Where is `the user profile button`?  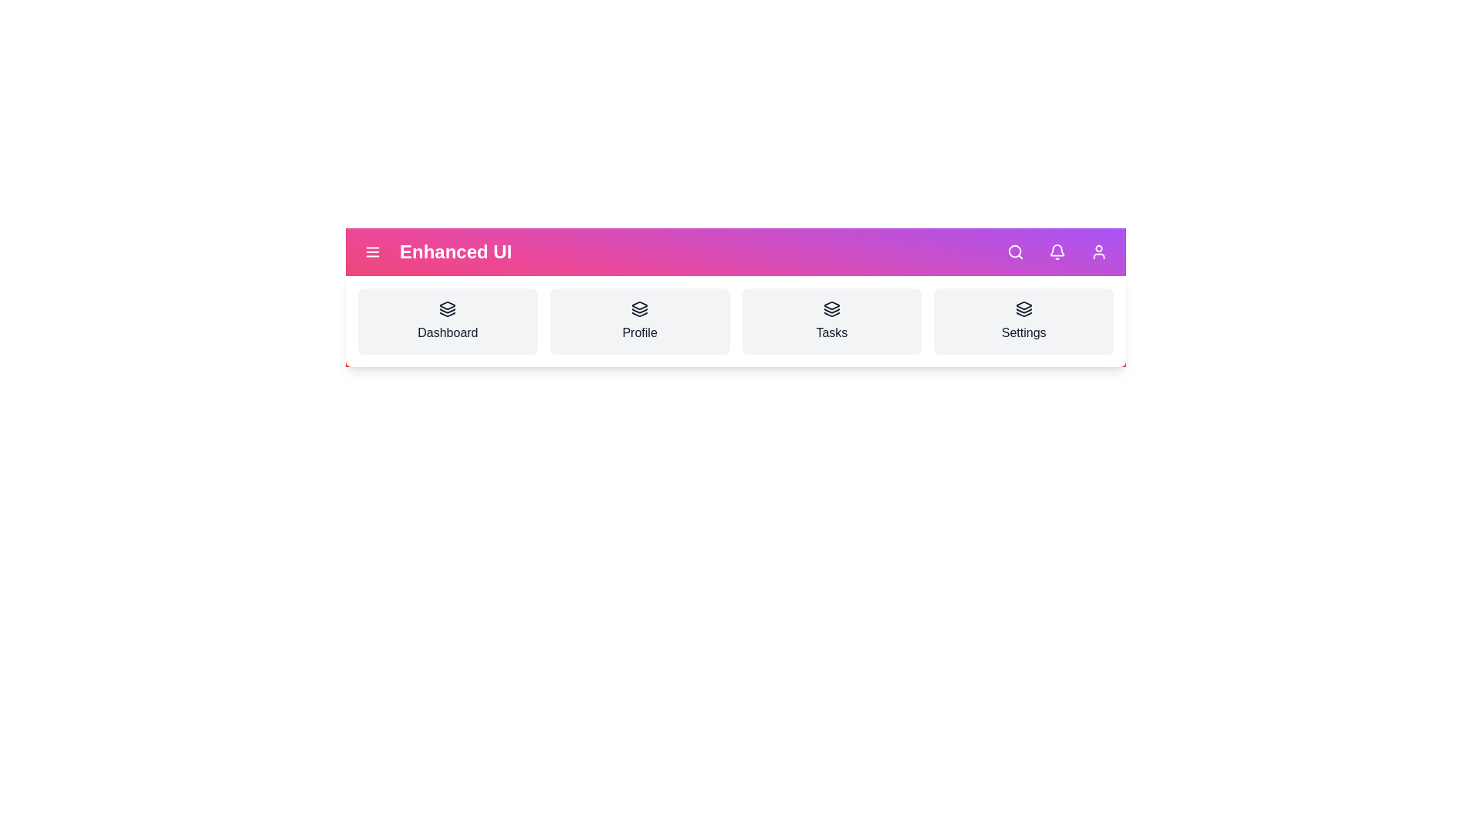
the user profile button is located at coordinates (1098, 251).